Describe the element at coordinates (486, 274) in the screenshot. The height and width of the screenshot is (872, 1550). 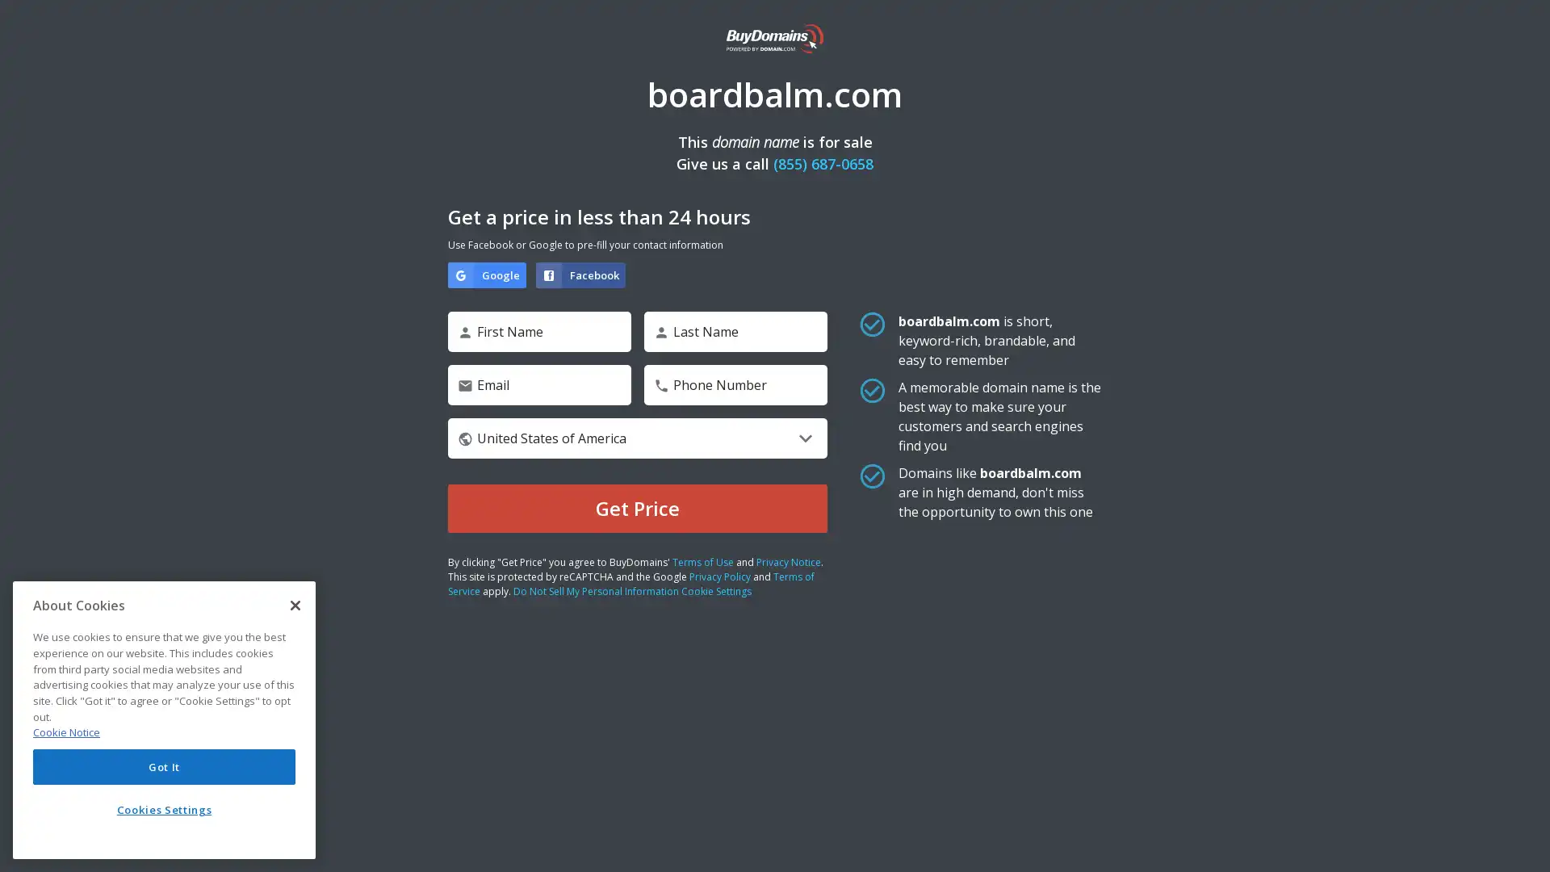
I see `Google` at that location.